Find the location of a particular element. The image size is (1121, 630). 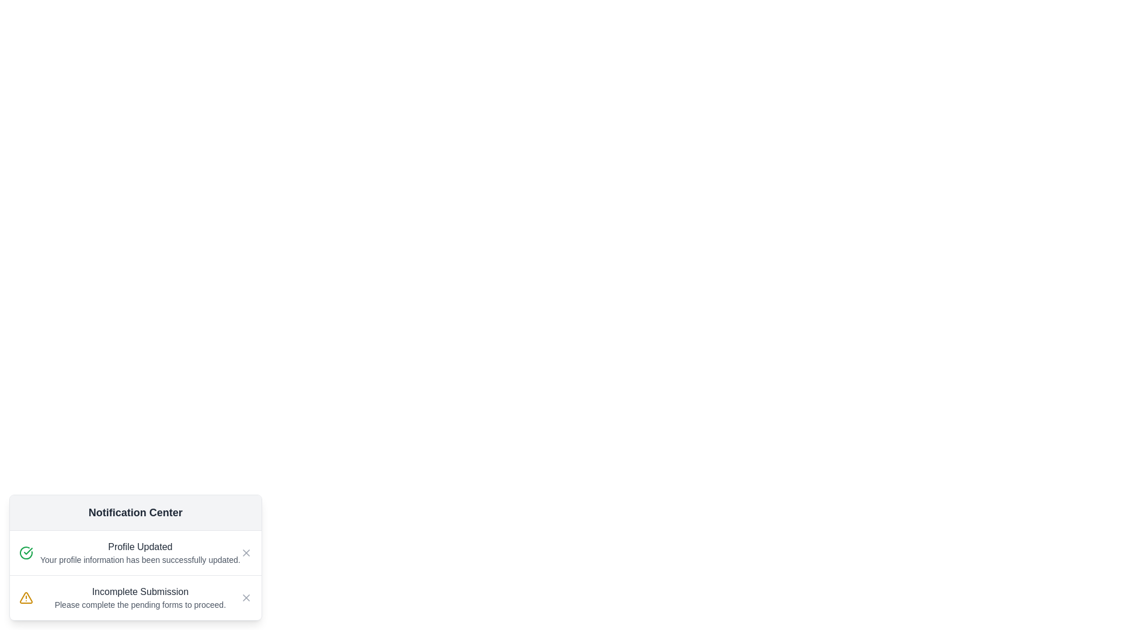

text displayed in the second notification card regarding incomplete submission in the Notification Center is located at coordinates (135, 597).